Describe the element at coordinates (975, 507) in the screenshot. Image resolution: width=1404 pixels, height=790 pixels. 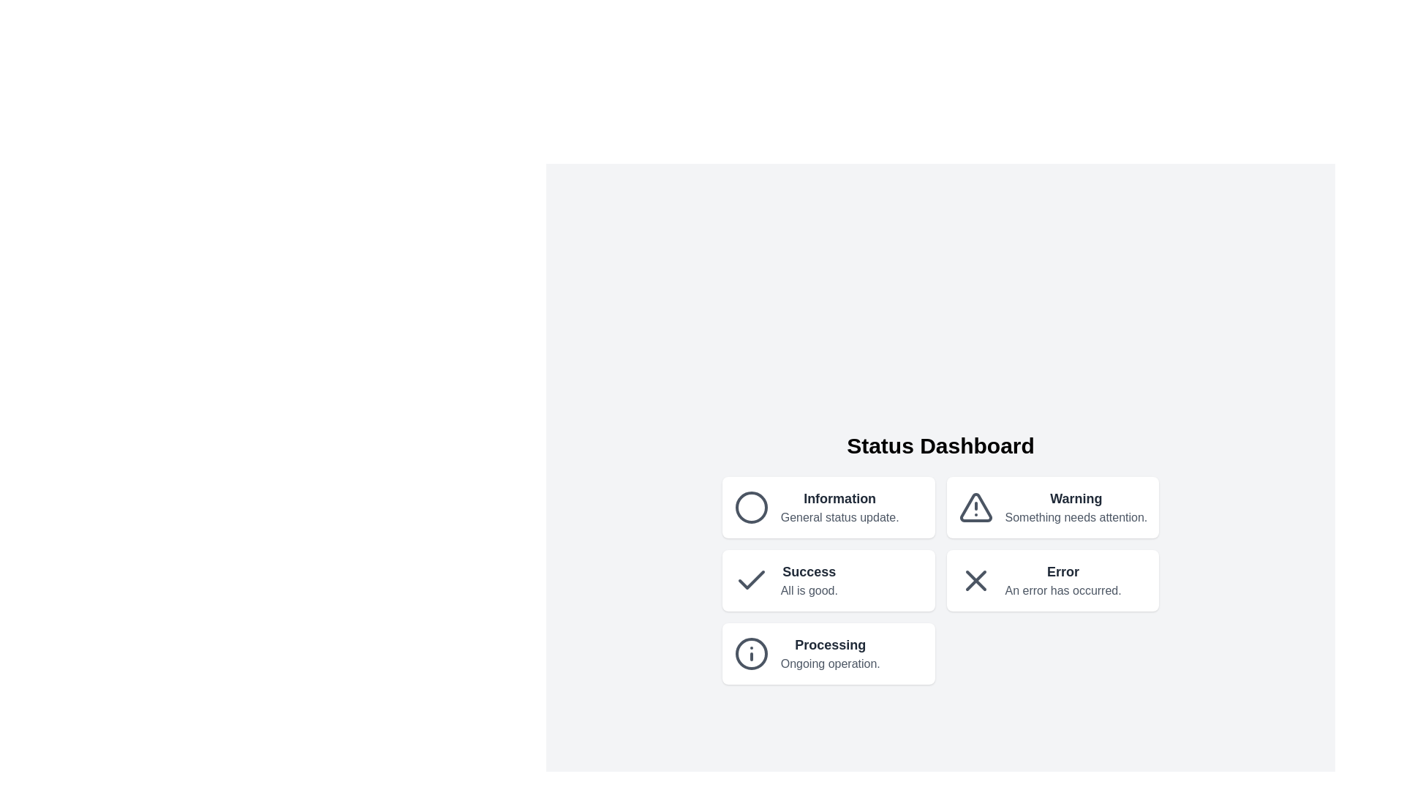
I see `the warning icon located in the top-right quadrant of the dashboard interface, which is part of a square card labeled 'Warning'` at that location.